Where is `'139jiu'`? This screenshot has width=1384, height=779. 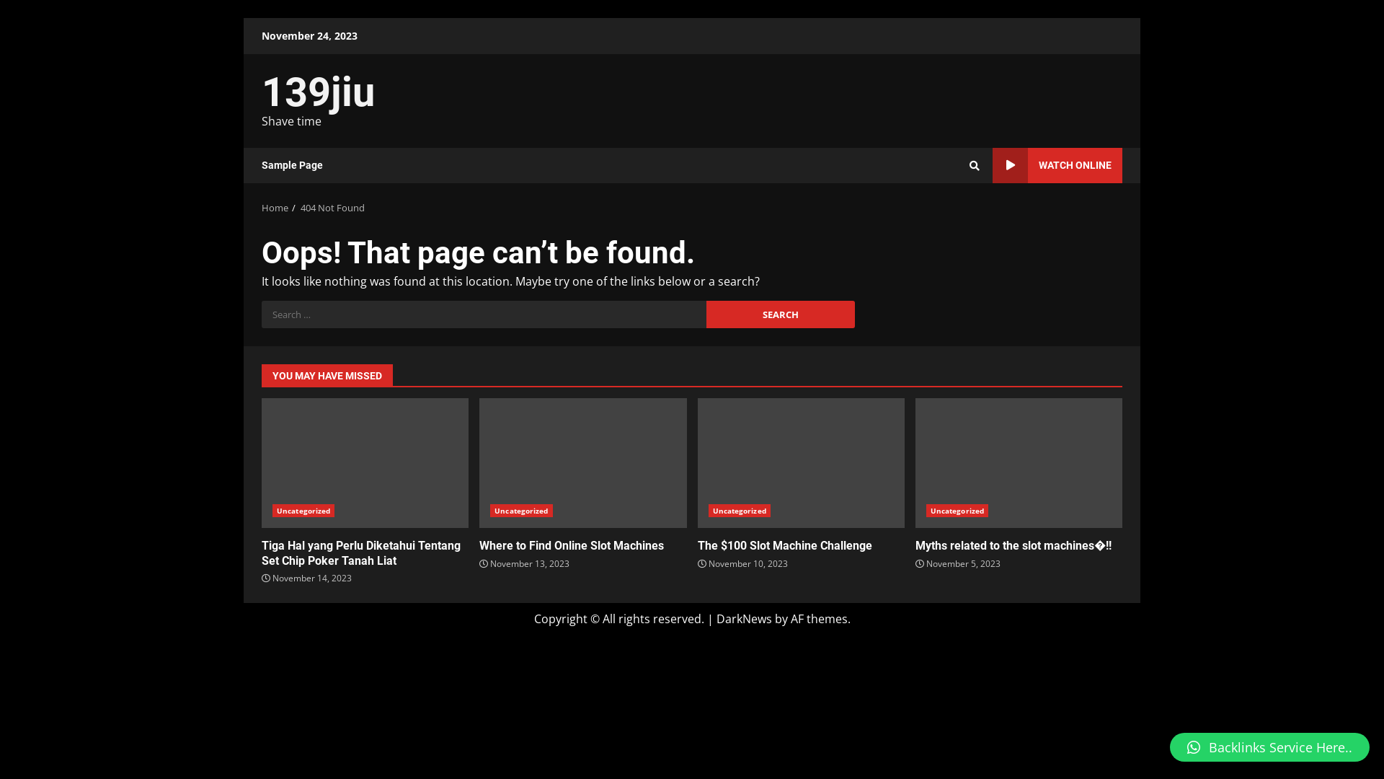 '139jiu' is located at coordinates (317, 92).